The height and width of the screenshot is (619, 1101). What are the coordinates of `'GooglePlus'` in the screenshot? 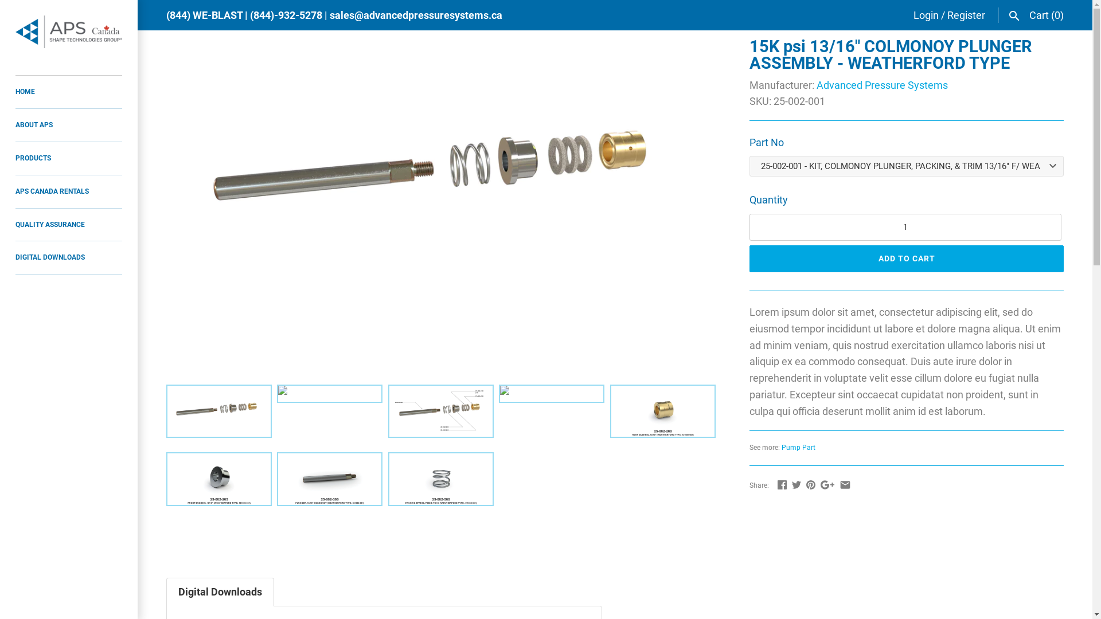 It's located at (827, 484).